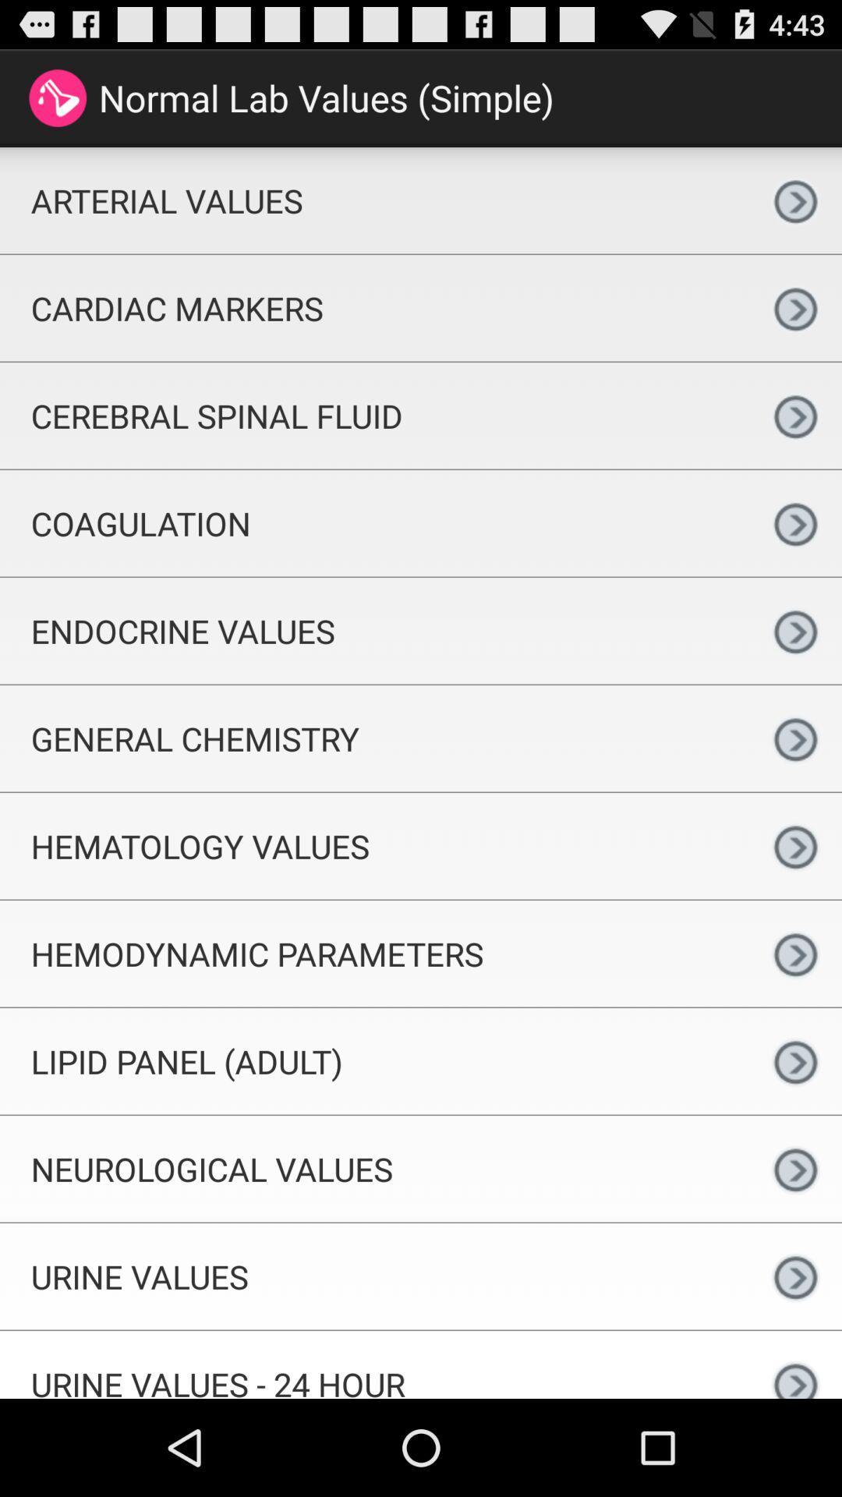 The height and width of the screenshot is (1497, 842). I want to click on the icon below hemodynamic parameters icon, so click(374, 1060).